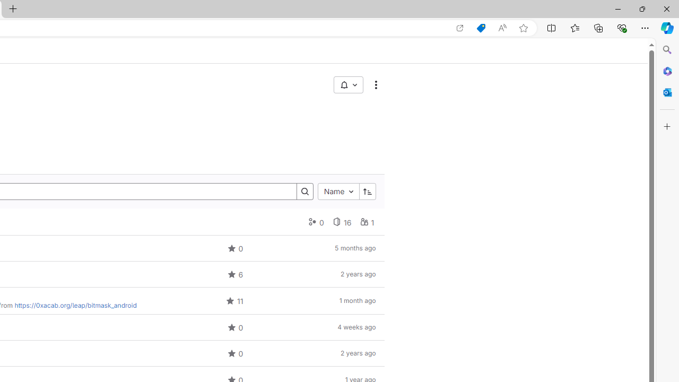  What do you see at coordinates (376, 84) in the screenshot?
I see `'More actions'` at bounding box center [376, 84].